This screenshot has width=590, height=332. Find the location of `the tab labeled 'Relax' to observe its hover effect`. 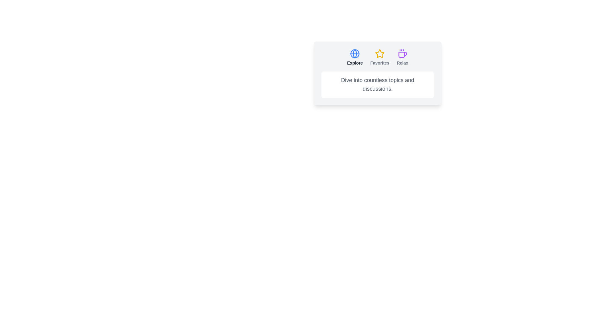

the tab labeled 'Relax' to observe its hover effect is located at coordinates (402, 57).